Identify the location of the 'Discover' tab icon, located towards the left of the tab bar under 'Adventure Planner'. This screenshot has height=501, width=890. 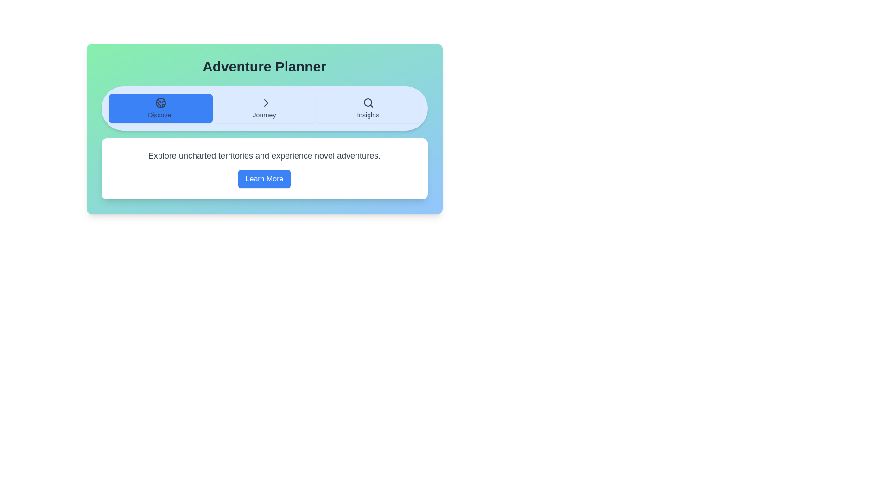
(160, 103).